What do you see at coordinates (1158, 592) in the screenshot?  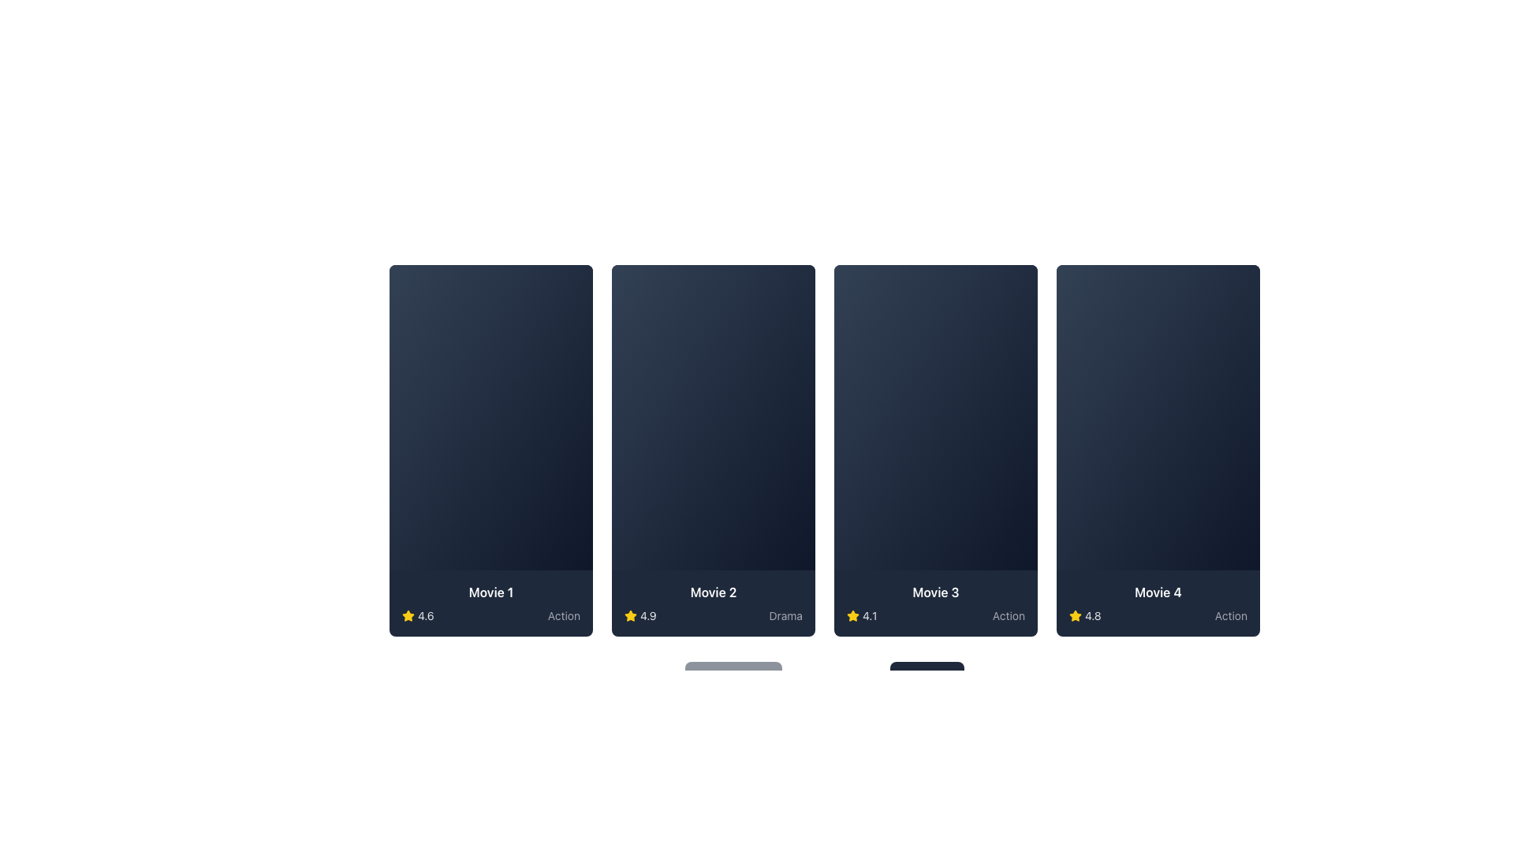 I see `the title text label of the fourth movie card, which identifies the movie in the interface and is located above the additional details like rating and genre` at bounding box center [1158, 592].